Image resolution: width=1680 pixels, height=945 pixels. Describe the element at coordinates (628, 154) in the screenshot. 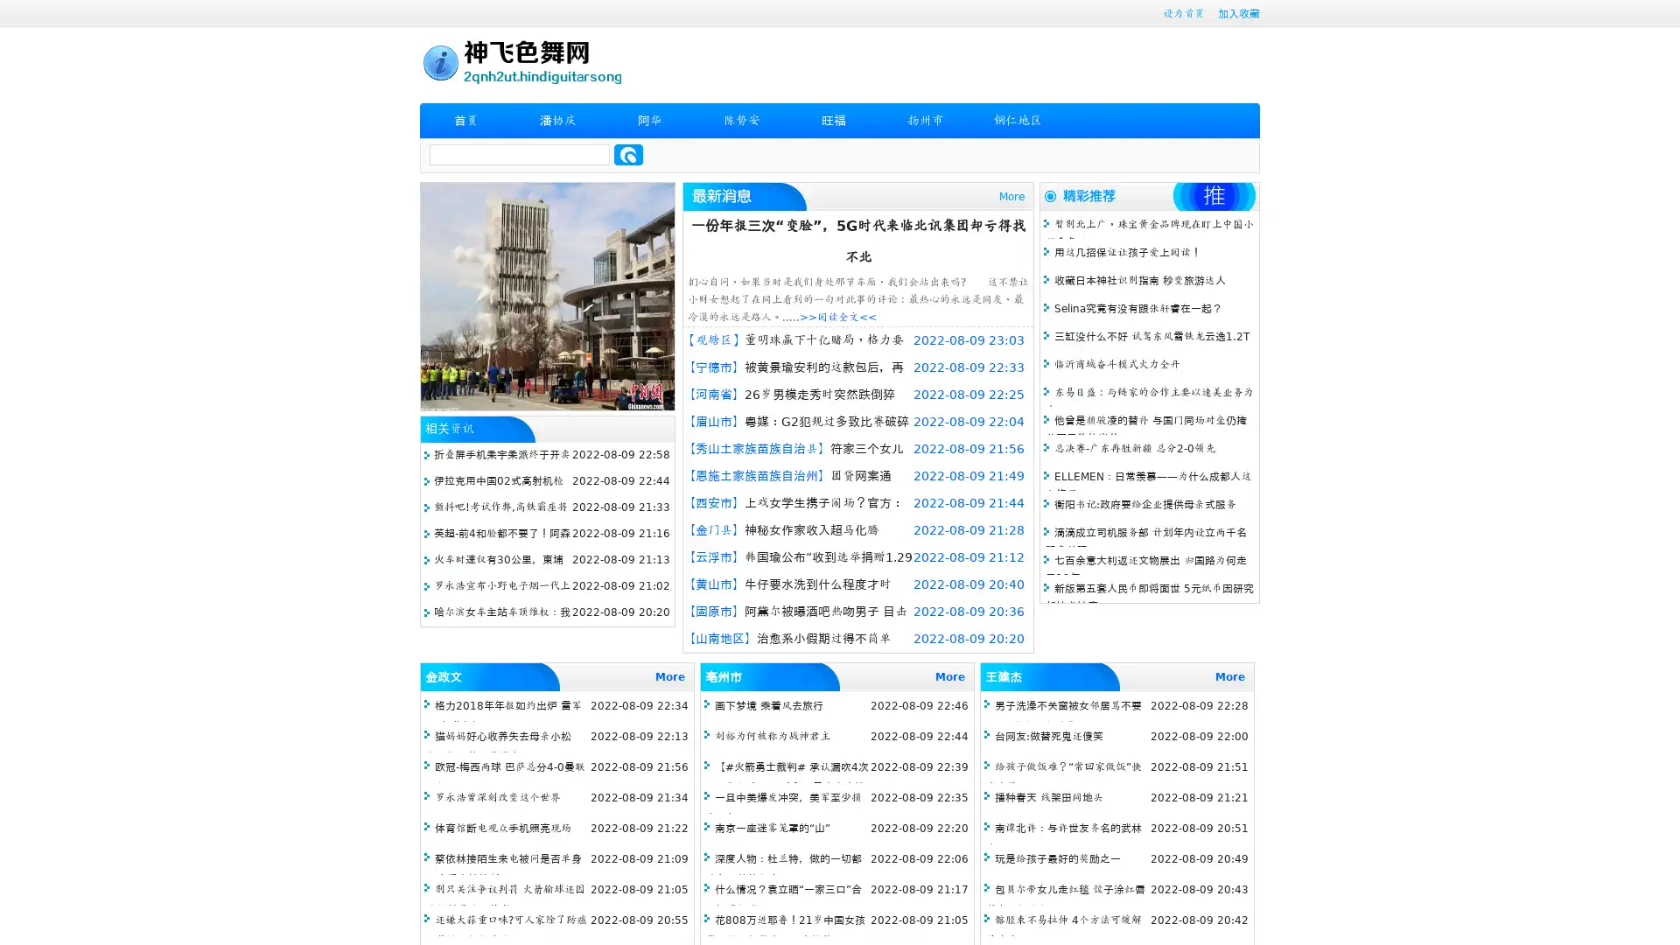

I see `Search` at that location.